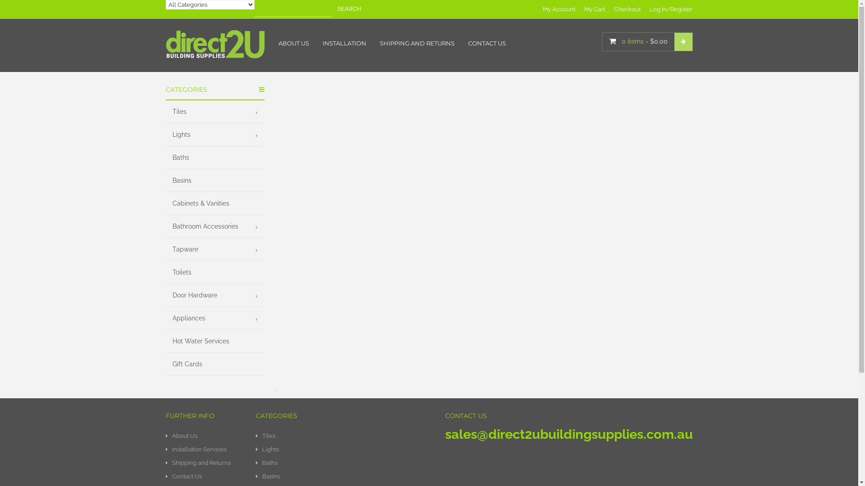  Describe the element at coordinates (558, 9) in the screenshot. I see `'My Account'` at that location.